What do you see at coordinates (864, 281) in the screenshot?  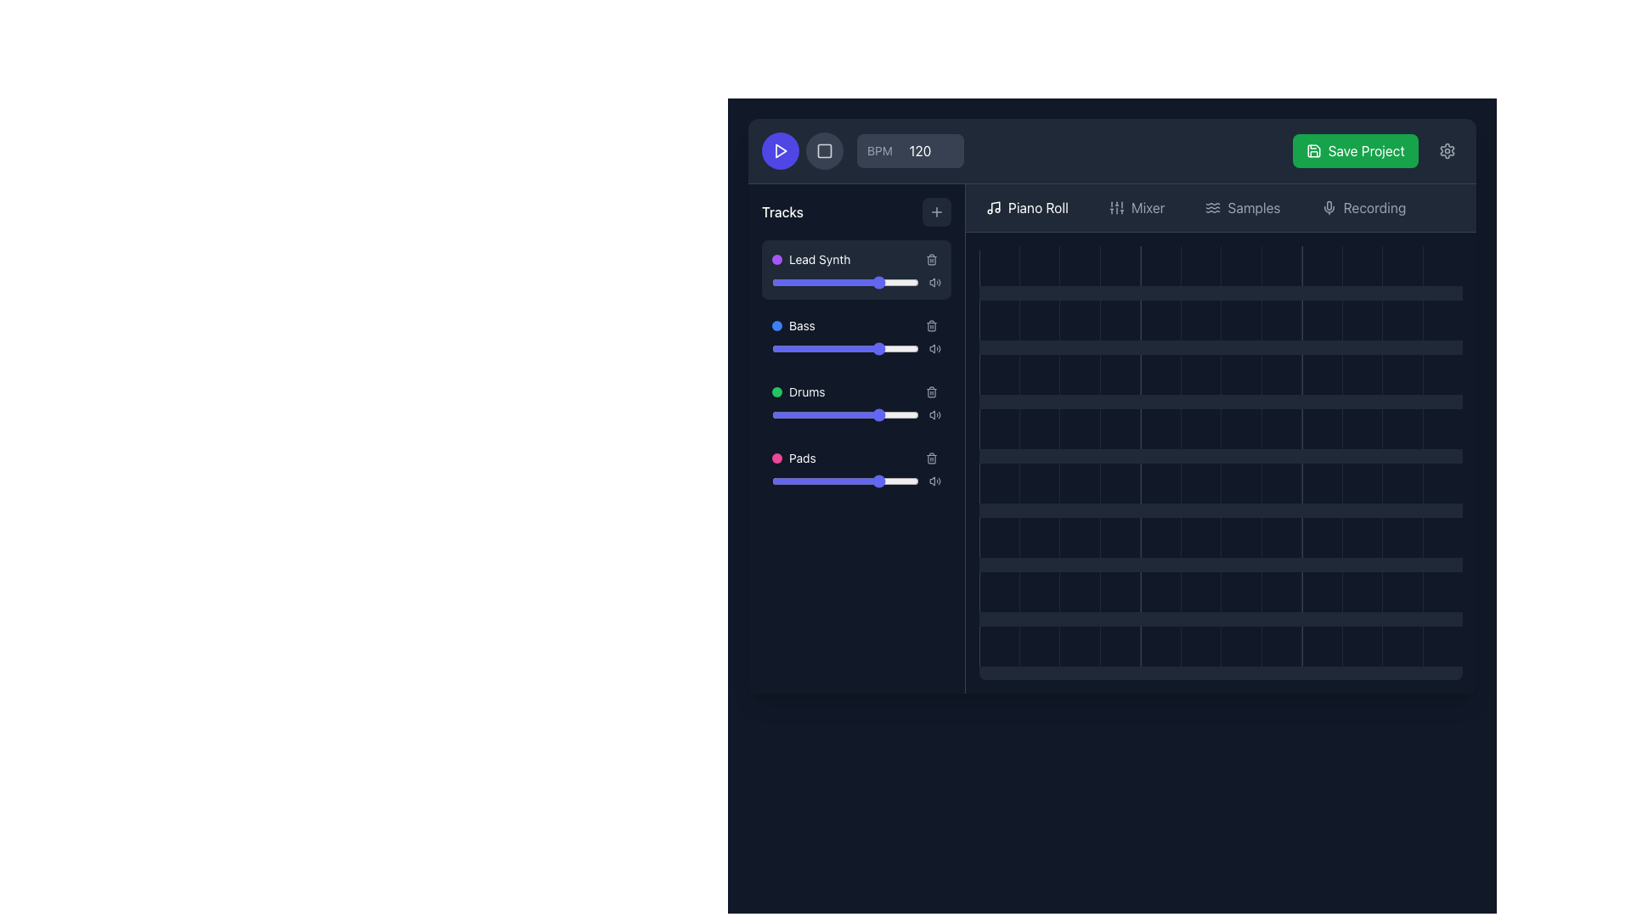 I see `the slider value` at bounding box center [864, 281].